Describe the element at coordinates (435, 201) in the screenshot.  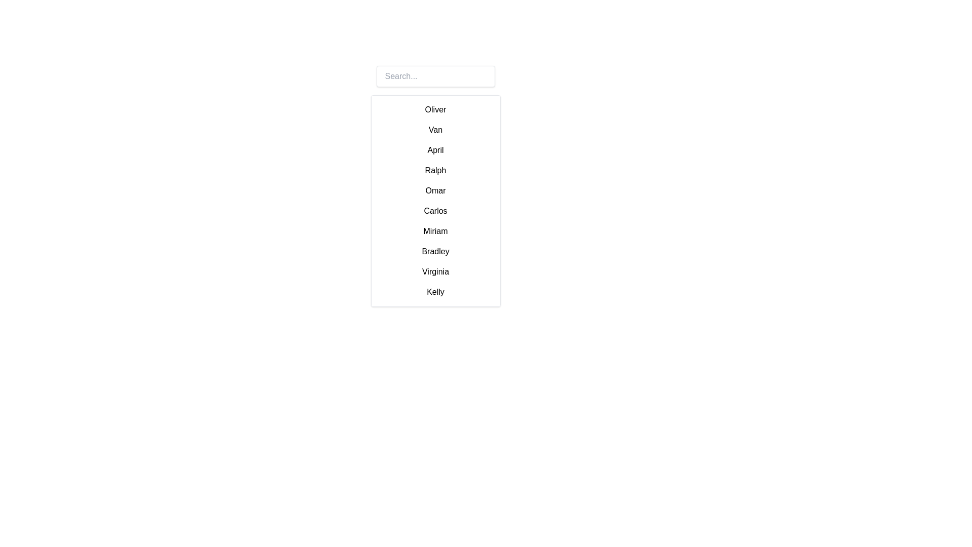
I see `the fifth entry labeled 'Omar' in the vertically-arranged list within the dropdown selection list` at that location.